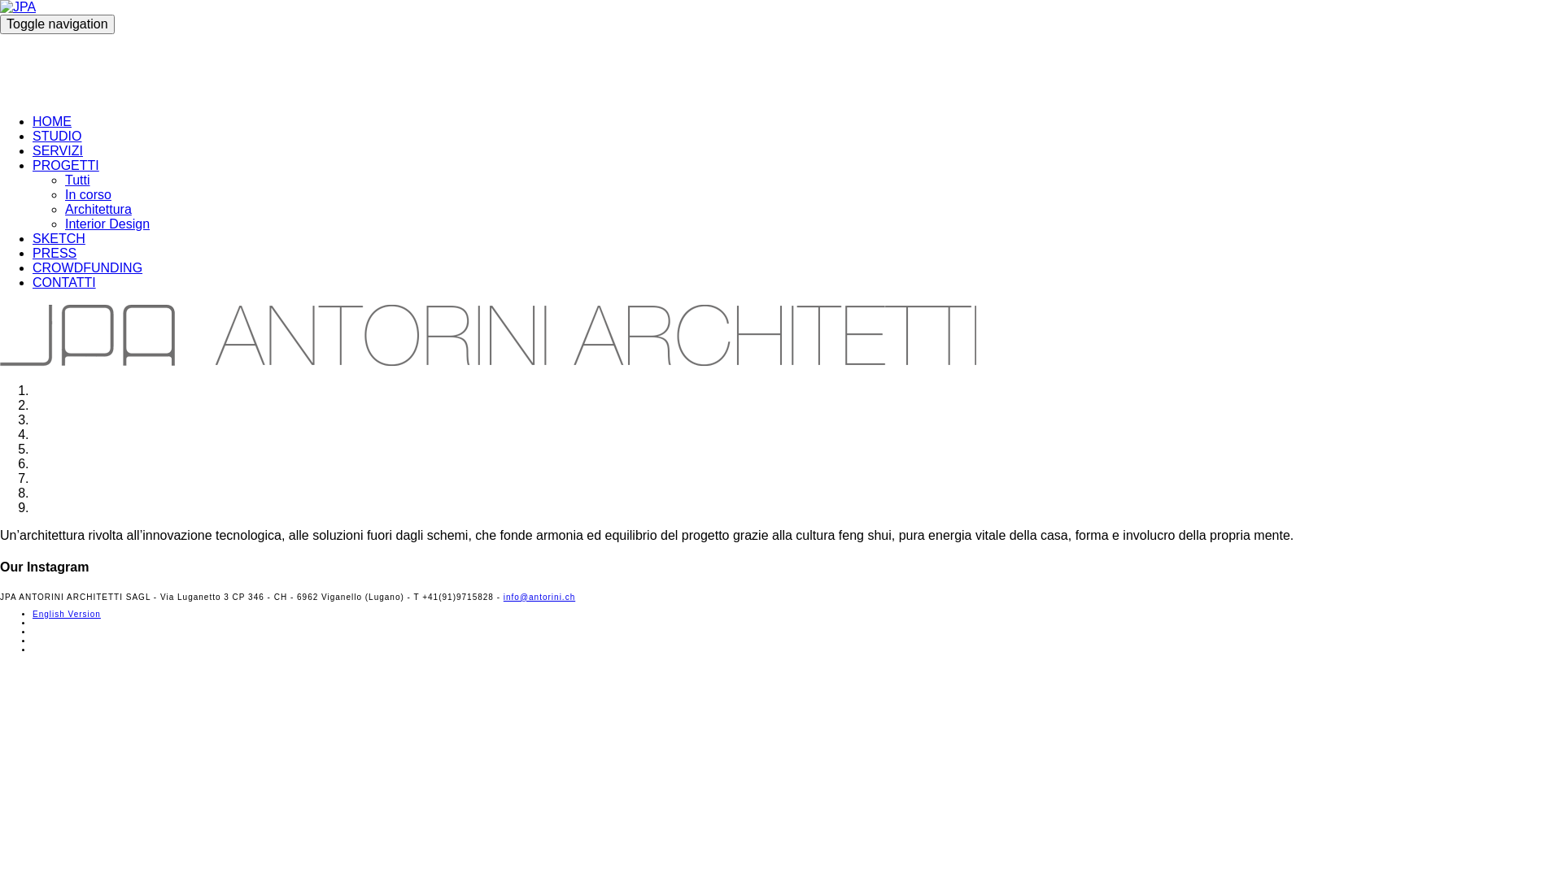  I want to click on 'CROWDFUNDING', so click(32, 267).